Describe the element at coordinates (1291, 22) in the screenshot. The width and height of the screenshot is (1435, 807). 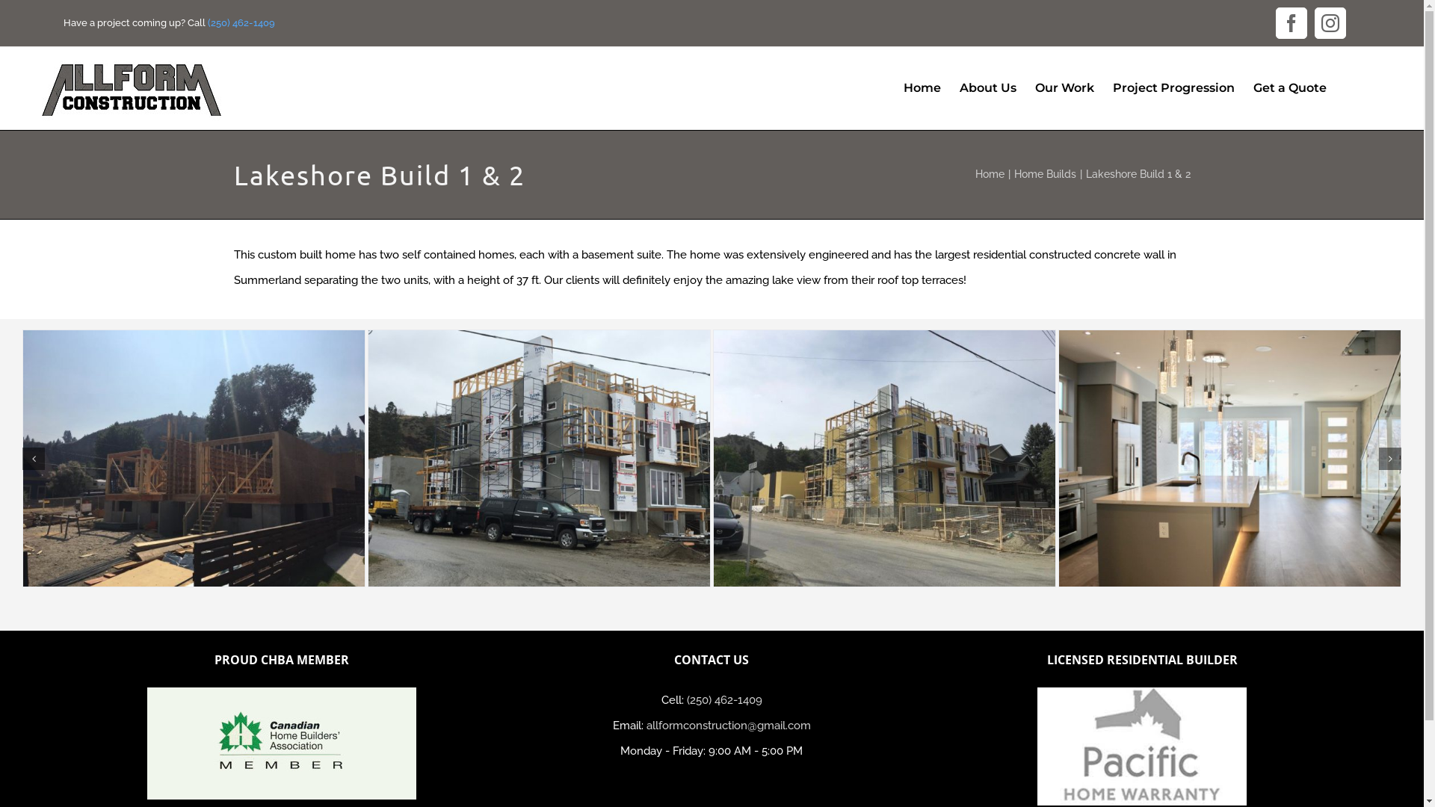
I see `'Facebook'` at that location.